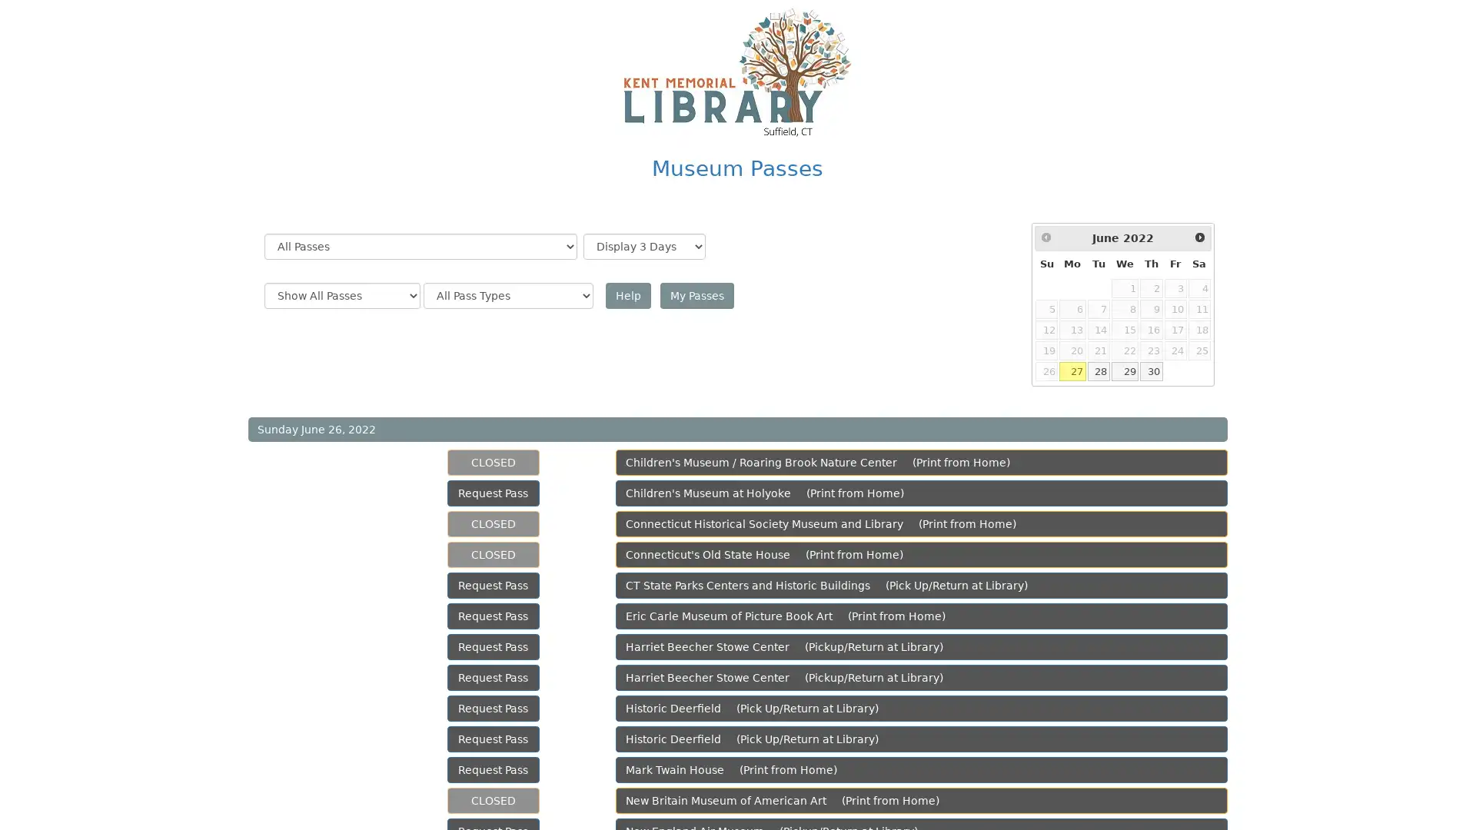 This screenshot has height=830, width=1476. Describe the element at coordinates (493, 677) in the screenshot. I see `Request Pass` at that location.